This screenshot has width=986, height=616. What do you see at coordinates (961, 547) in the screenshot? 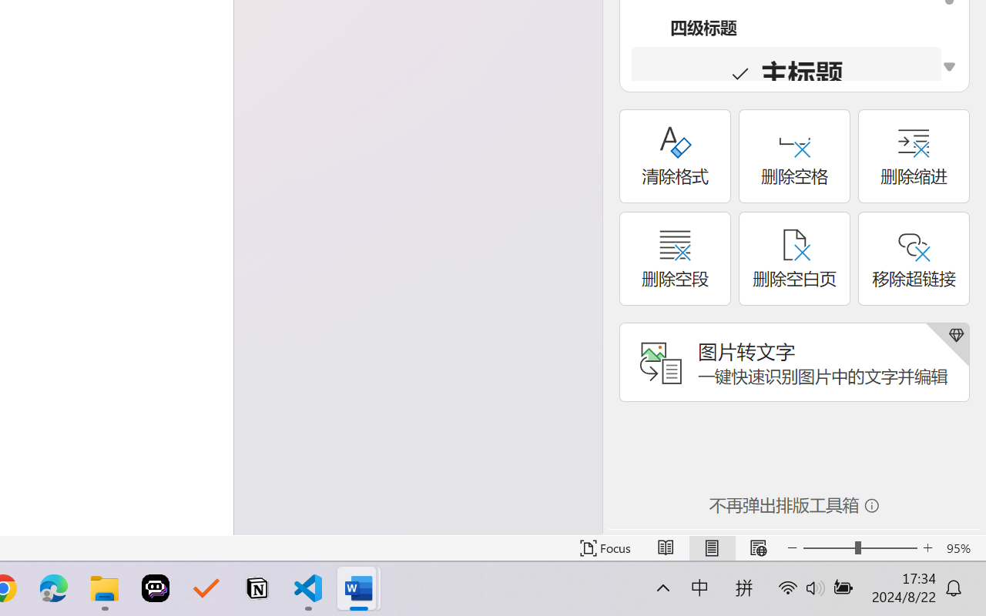
I see `'Zoom 95%'` at bounding box center [961, 547].